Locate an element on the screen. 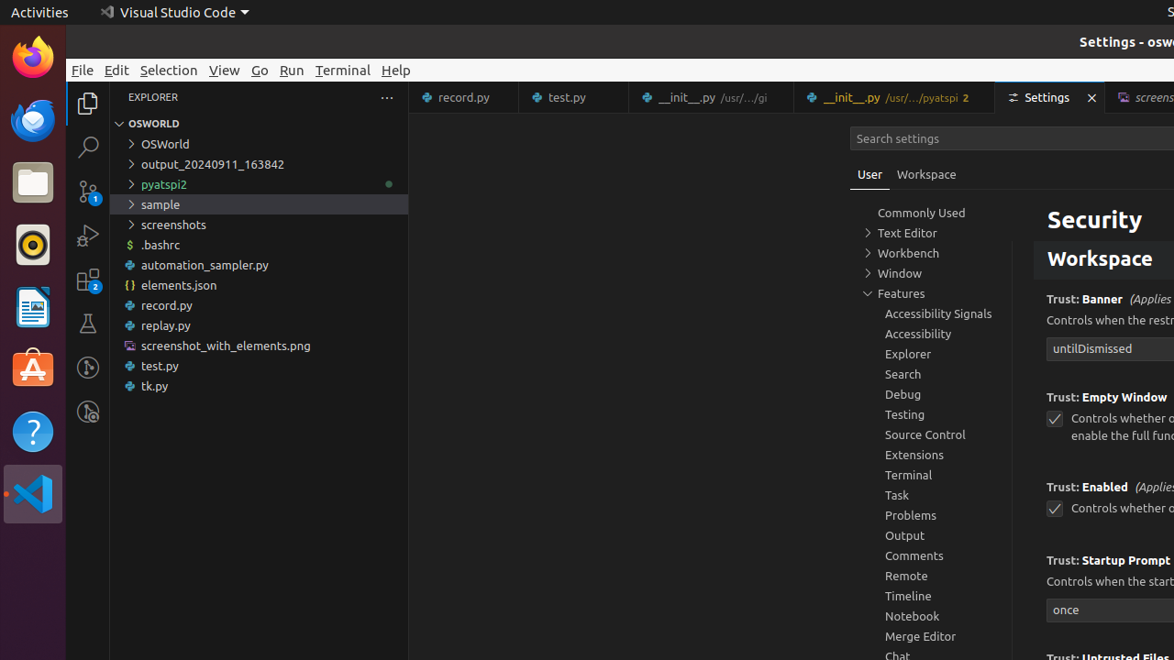  'Explorer Section: osworld' is located at coordinates (258, 124).